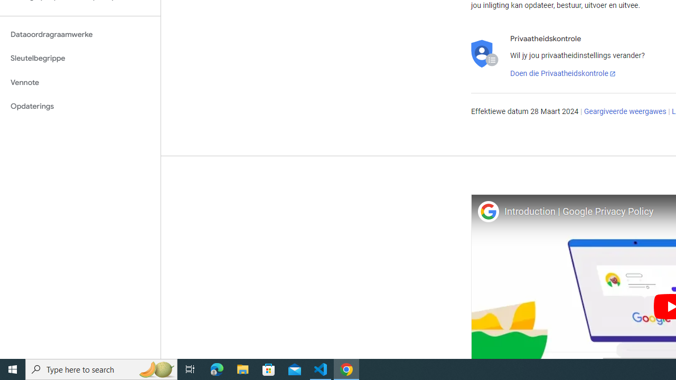  Describe the element at coordinates (487, 211) in the screenshot. I see `'Fotobeeld van Google'` at that location.